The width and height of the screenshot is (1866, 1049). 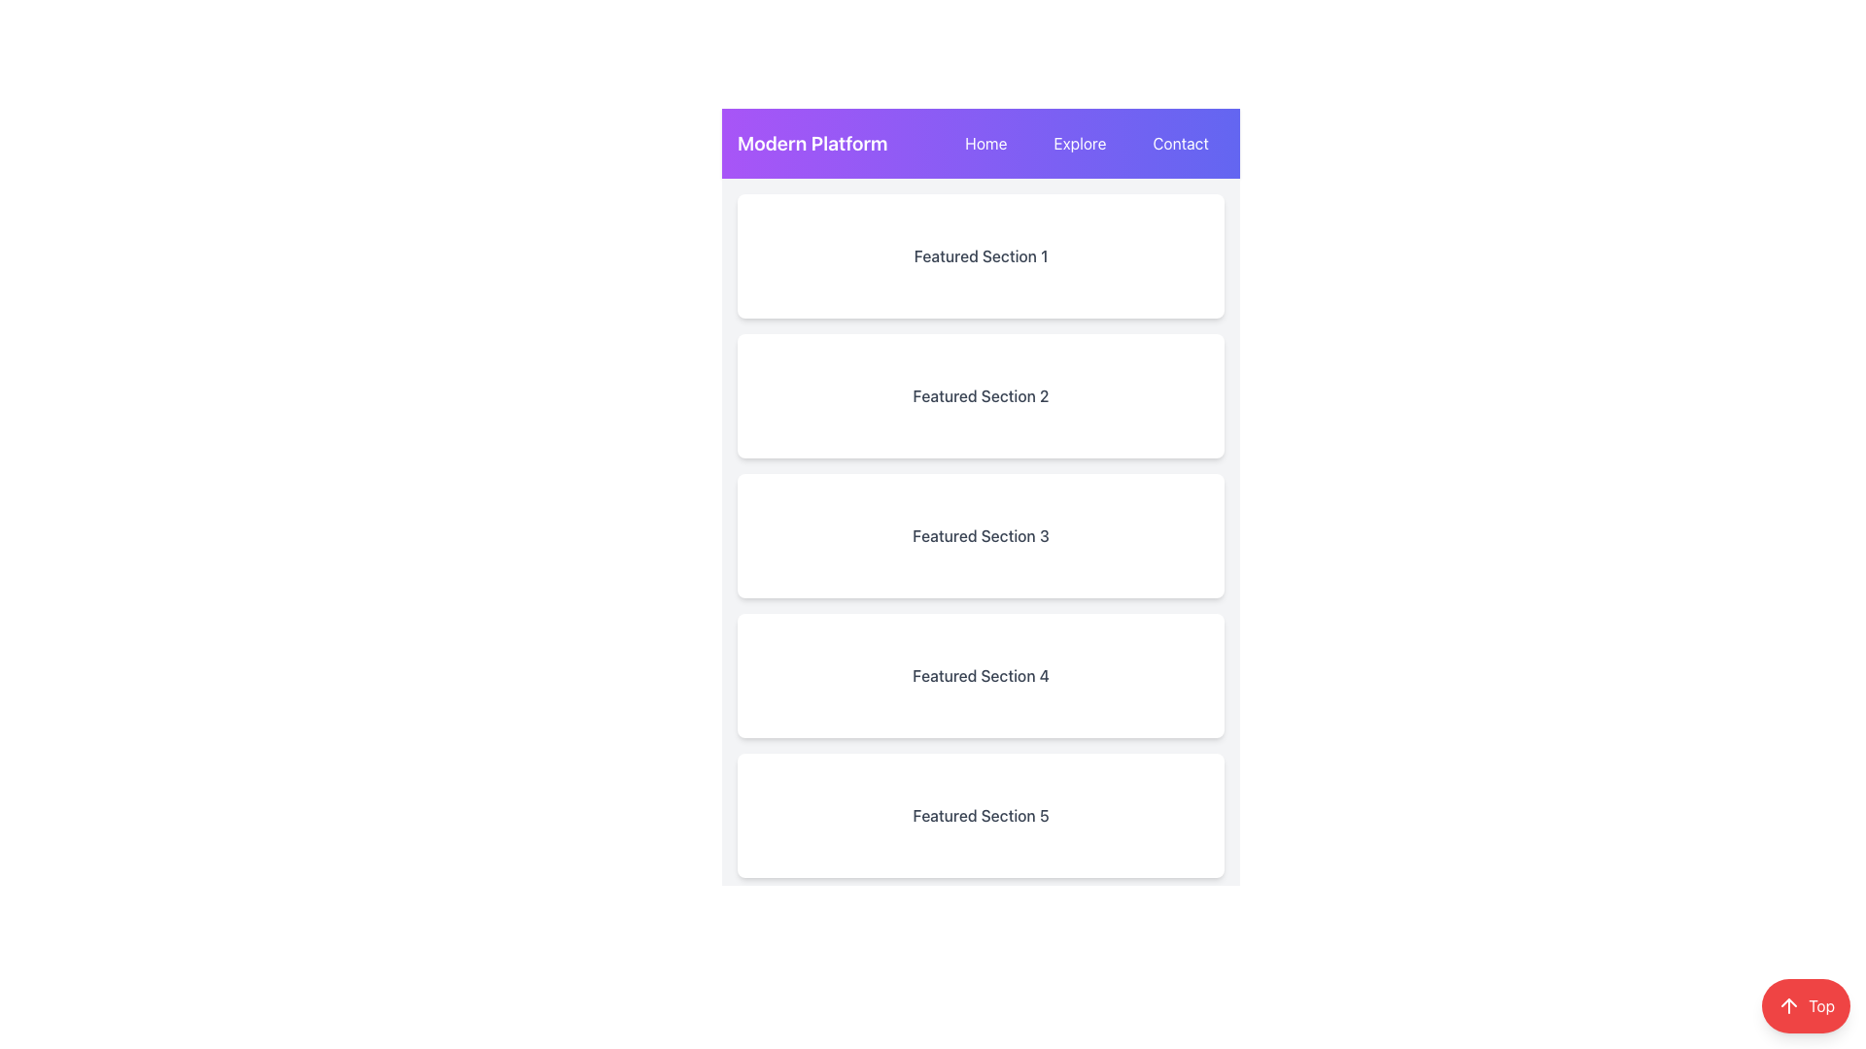 What do you see at coordinates (1079, 142) in the screenshot?
I see `the 'Explore' button, which is the second button in a horizontal group of three within the purple header bar` at bounding box center [1079, 142].